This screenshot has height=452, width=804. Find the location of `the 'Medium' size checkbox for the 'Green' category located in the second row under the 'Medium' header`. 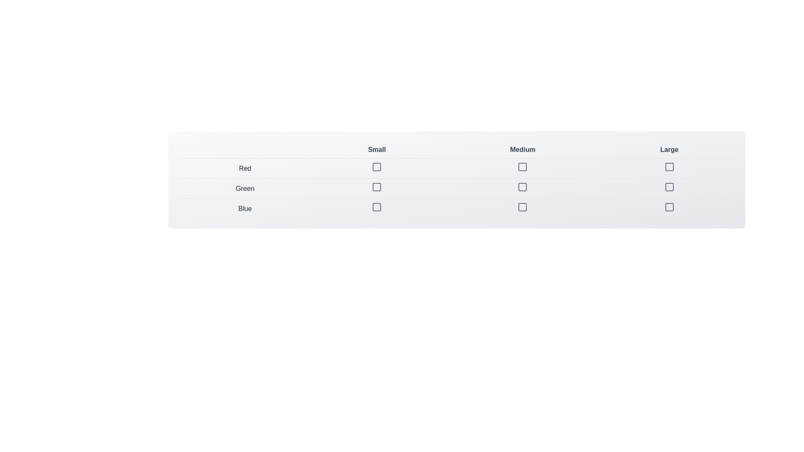

the 'Medium' size checkbox for the 'Green' category located in the second row under the 'Medium' header is located at coordinates (522, 188).